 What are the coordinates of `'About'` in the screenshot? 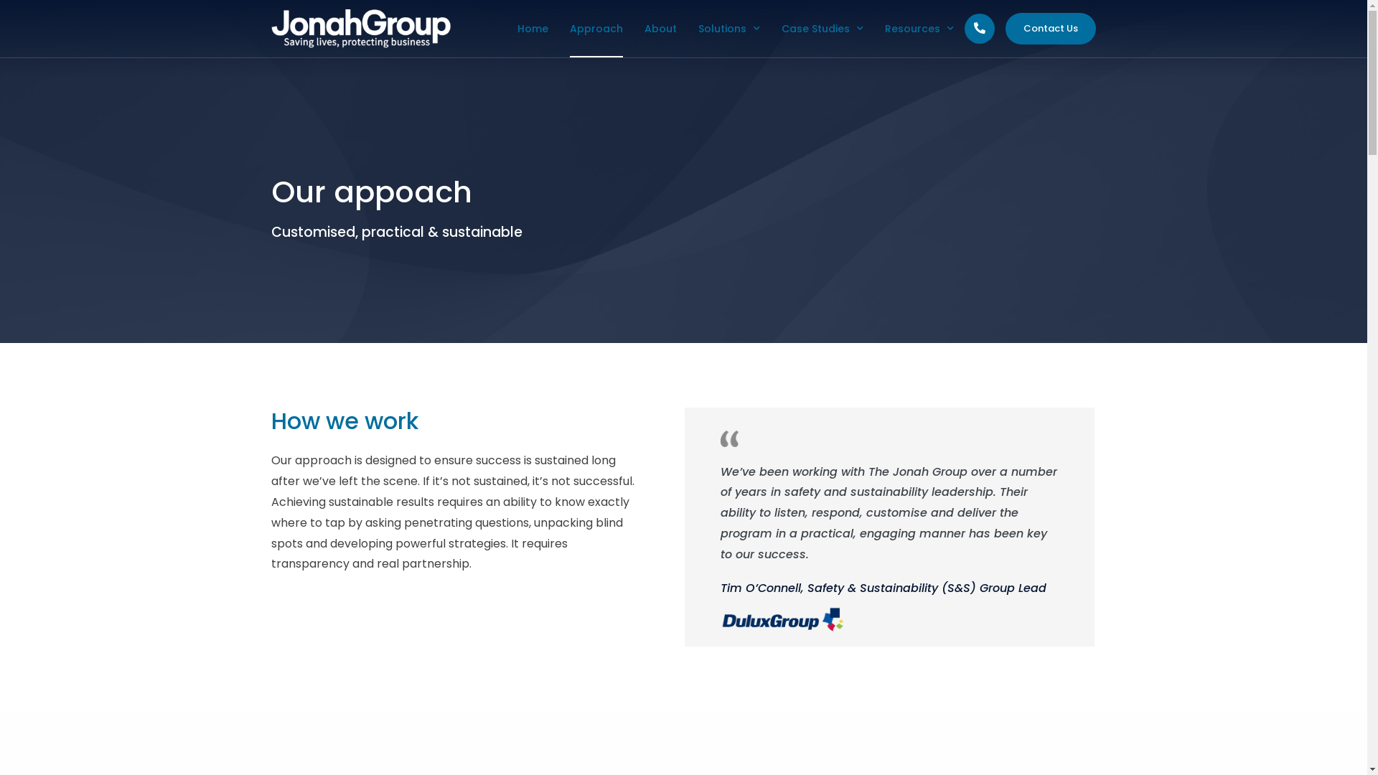 It's located at (643, 28).